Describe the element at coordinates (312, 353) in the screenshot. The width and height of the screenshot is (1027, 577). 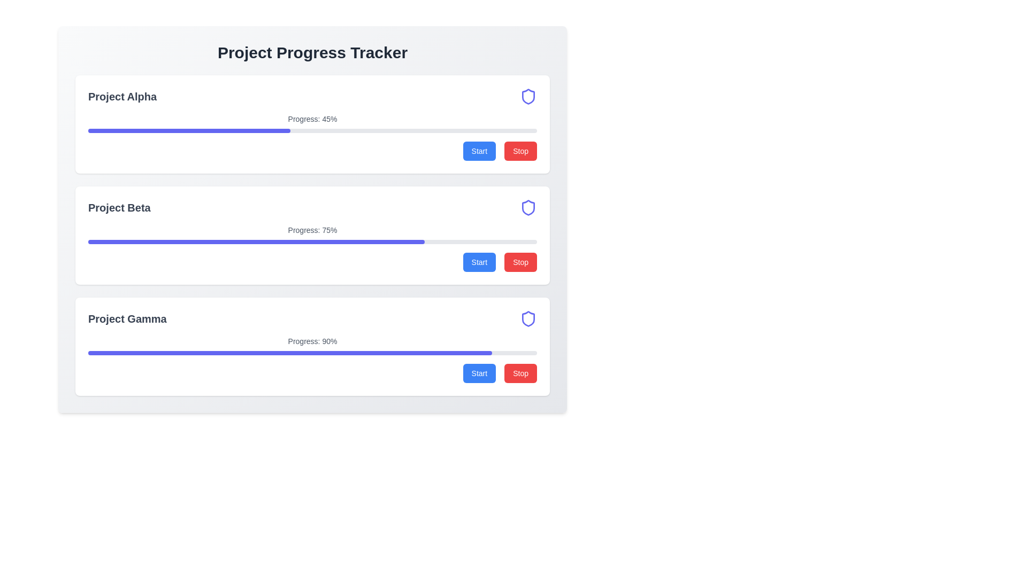
I see `the Progress bar indicating 90% completion for Project Gamma, located below the 'Progress: 90%' text and above the 'Start' and 'Stop' buttons` at that location.